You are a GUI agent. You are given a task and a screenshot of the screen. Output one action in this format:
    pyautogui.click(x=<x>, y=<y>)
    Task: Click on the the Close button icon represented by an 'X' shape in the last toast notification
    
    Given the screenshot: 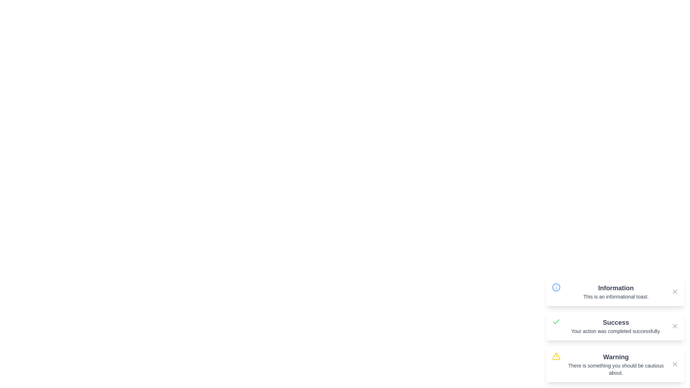 What is the action you would take?
    pyautogui.click(x=674, y=364)
    